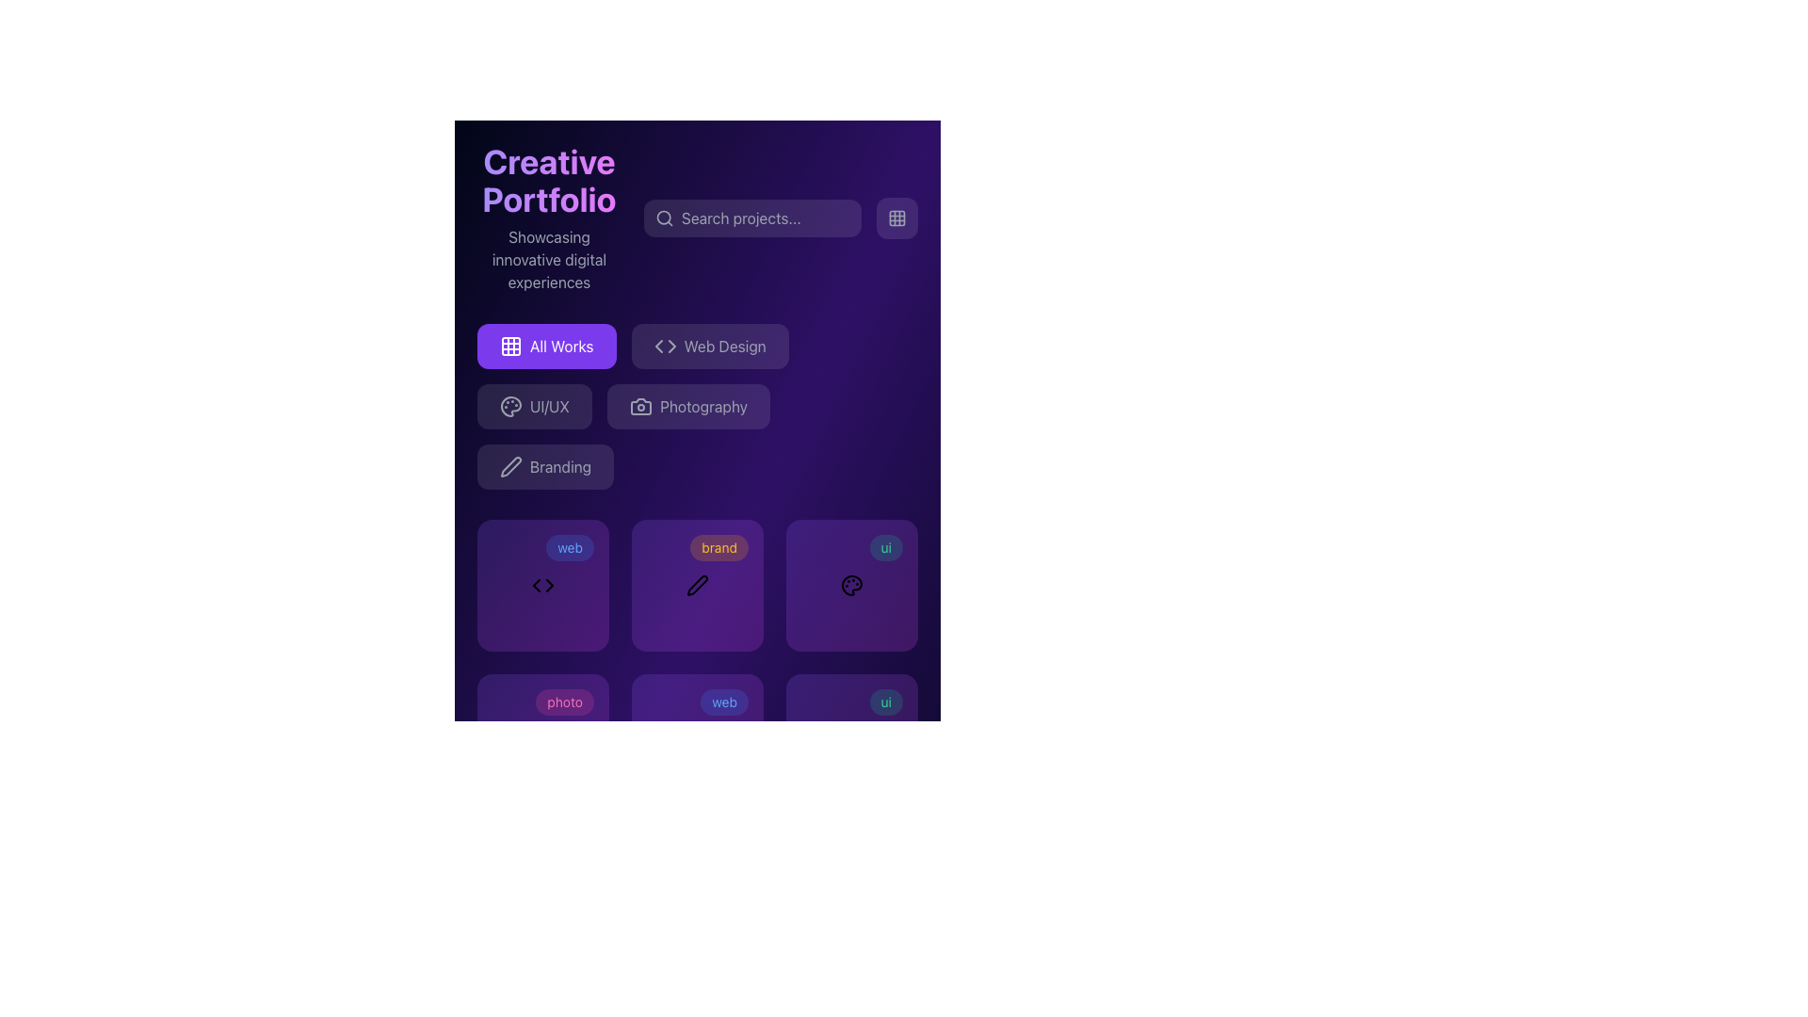 The image size is (1808, 1017). What do you see at coordinates (671, 346) in the screenshot?
I see `the rightward arrow vector graphic within the 'code' icon SVG, which visually represents coding activities` at bounding box center [671, 346].